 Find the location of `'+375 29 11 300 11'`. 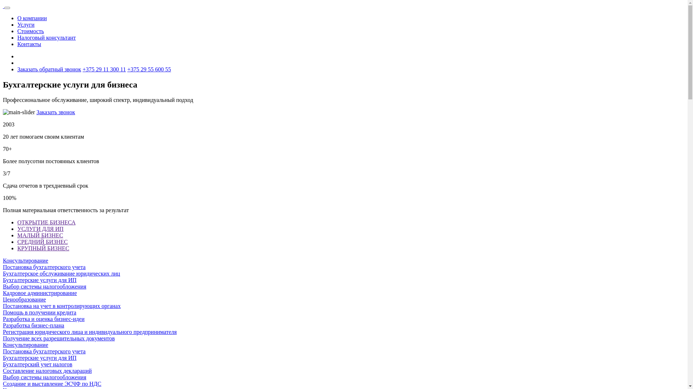

'+375 29 11 300 11' is located at coordinates (104, 69).